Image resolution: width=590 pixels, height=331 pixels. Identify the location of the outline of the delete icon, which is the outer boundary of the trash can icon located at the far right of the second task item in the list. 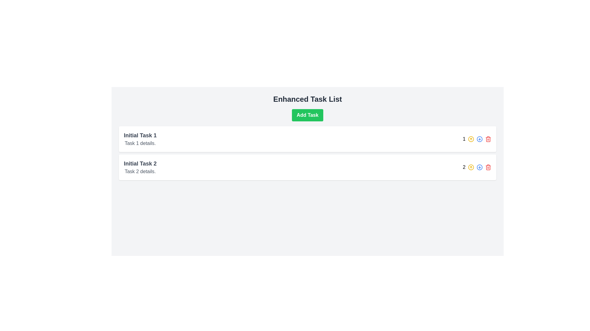
(488, 168).